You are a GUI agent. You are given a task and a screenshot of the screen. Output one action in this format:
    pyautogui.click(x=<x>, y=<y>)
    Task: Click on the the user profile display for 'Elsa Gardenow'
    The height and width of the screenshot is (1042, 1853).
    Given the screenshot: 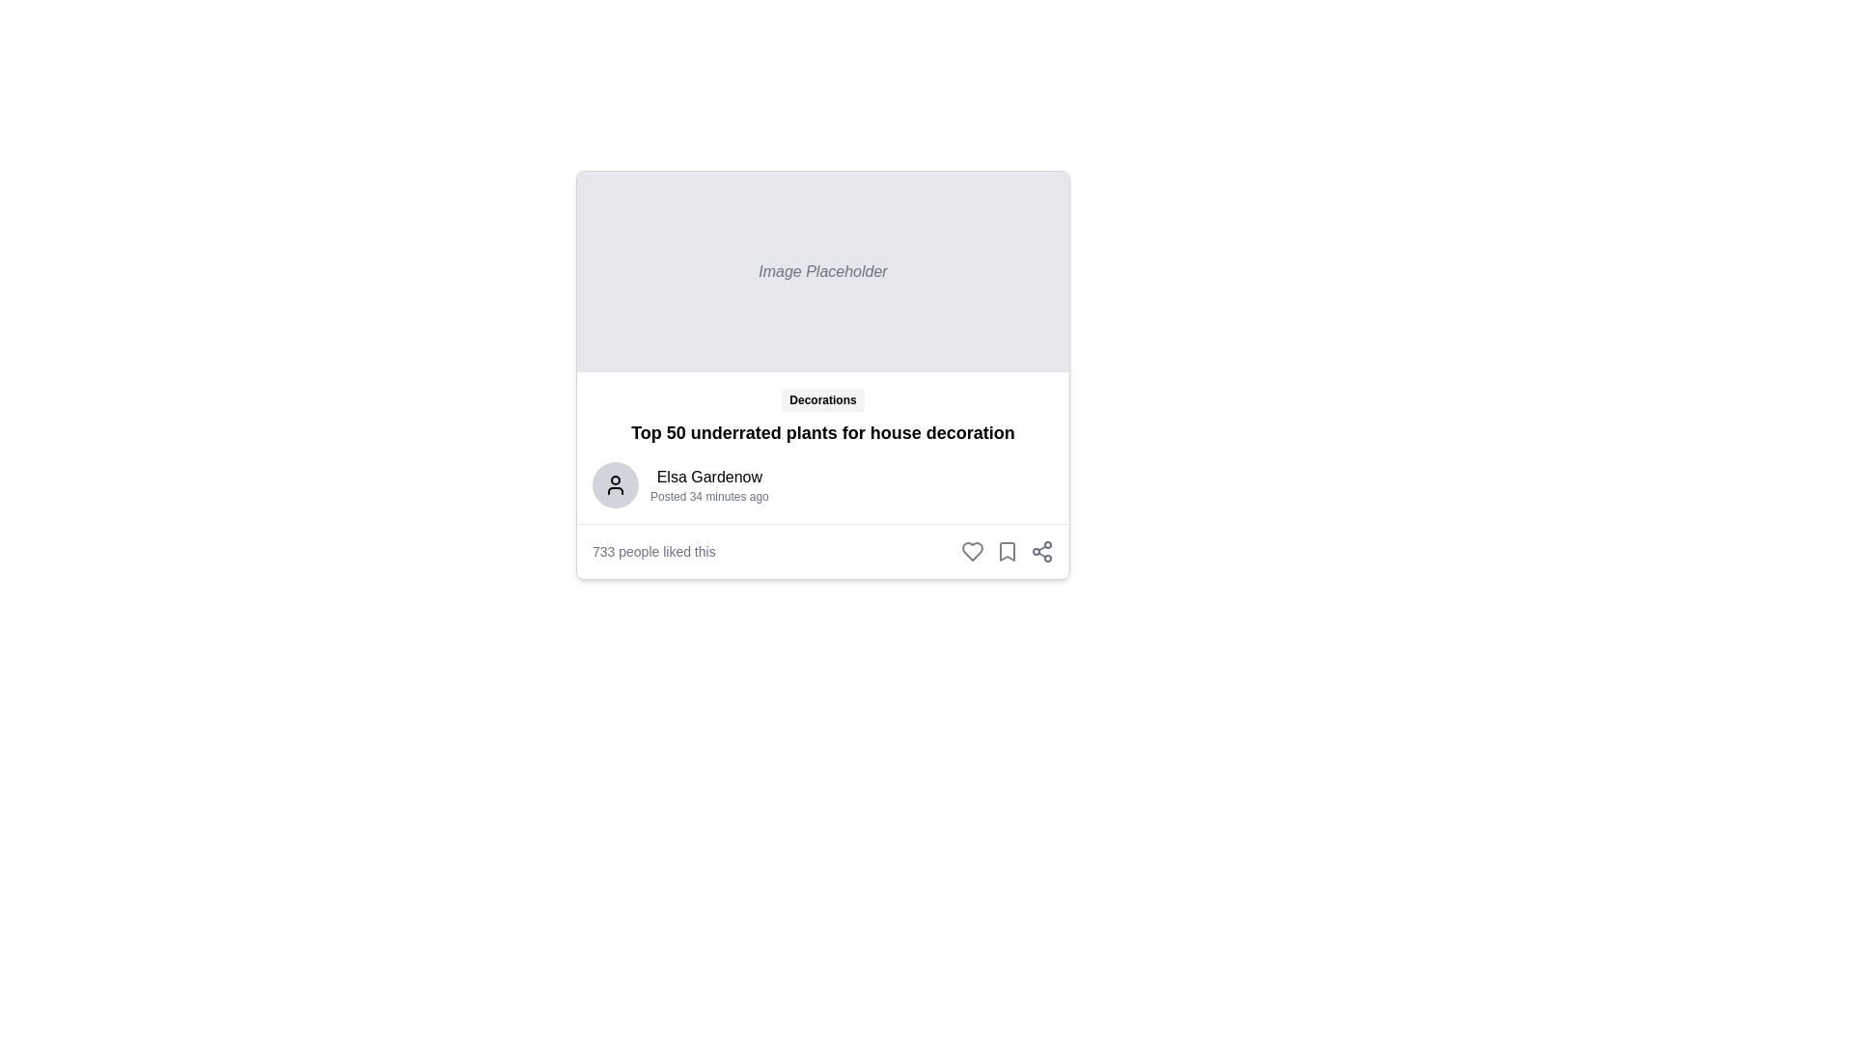 What is the action you would take?
    pyautogui.click(x=823, y=483)
    